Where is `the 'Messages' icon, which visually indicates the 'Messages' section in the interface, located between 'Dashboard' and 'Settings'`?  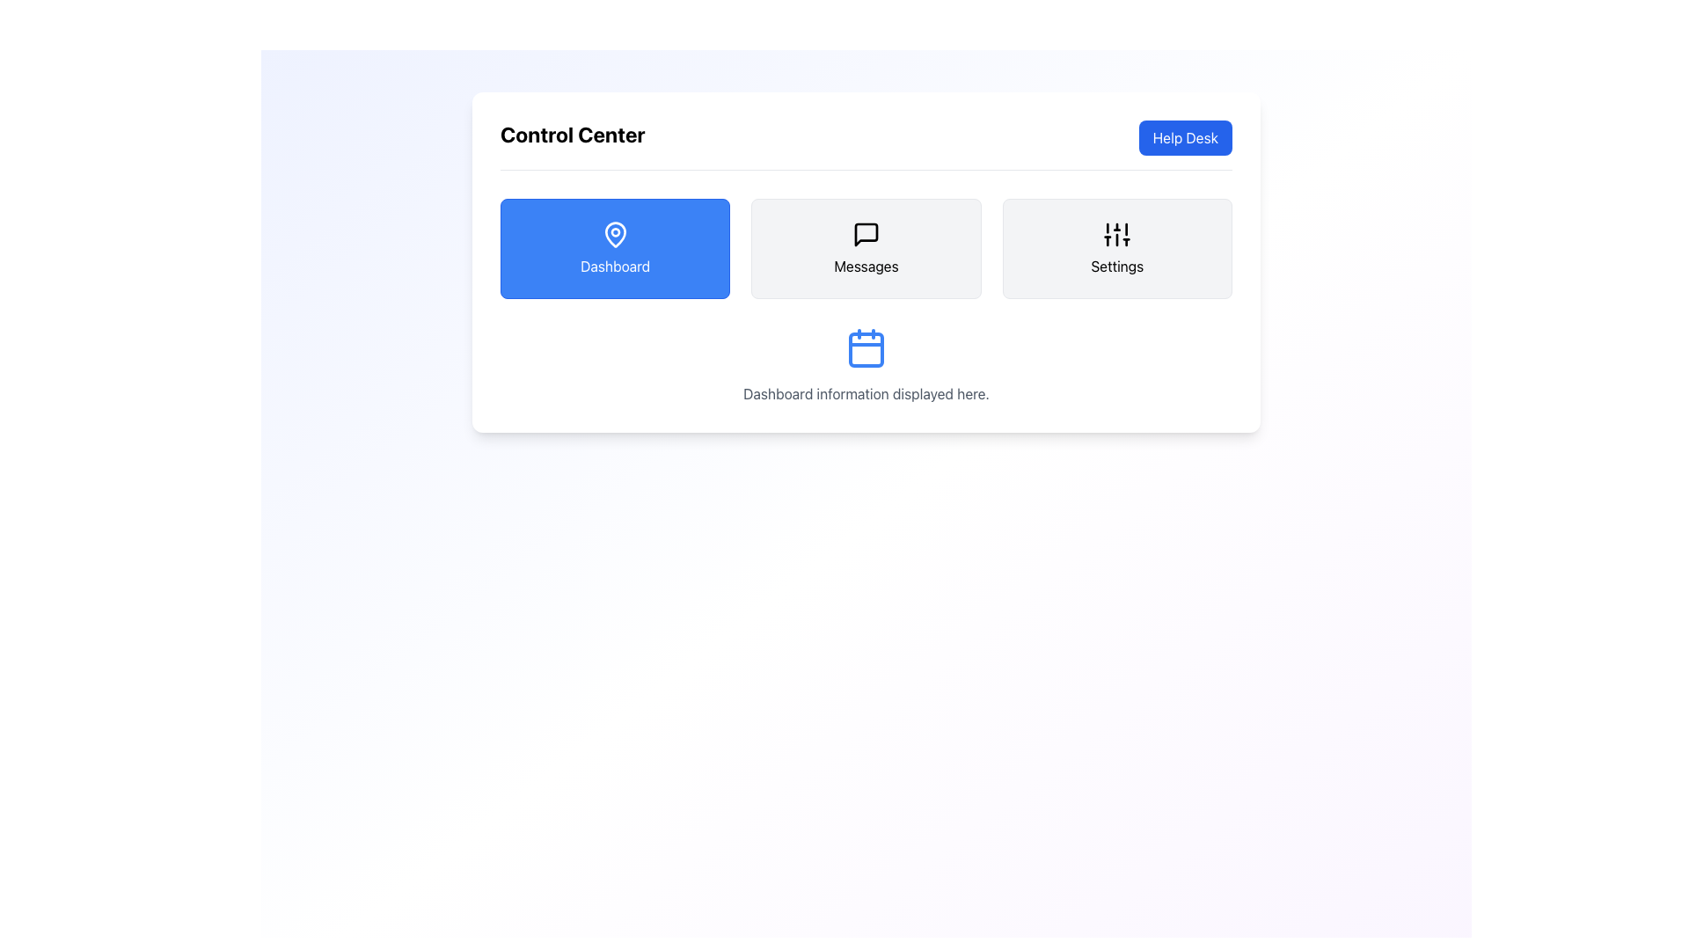 the 'Messages' icon, which visually indicates the 'Messages' section in the interface, located between 'Dashboard' and 'Settings' is located at coordinates (866, 233).